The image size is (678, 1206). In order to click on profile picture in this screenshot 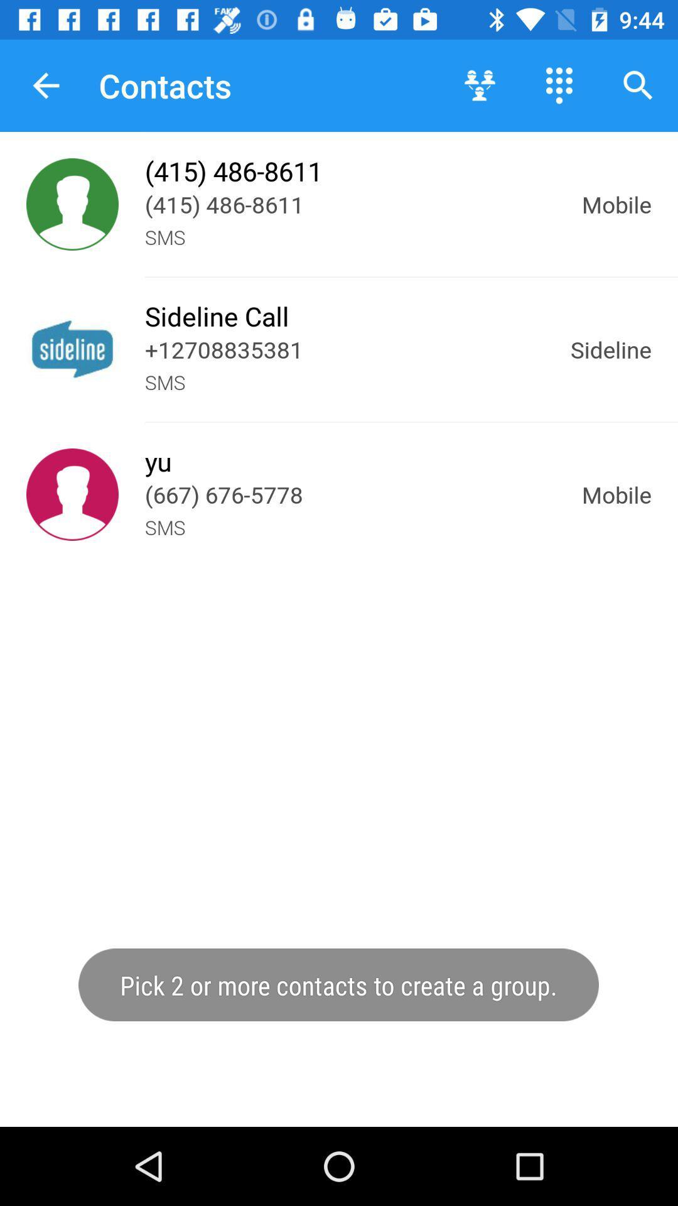, I will do `click(72, 494)`.